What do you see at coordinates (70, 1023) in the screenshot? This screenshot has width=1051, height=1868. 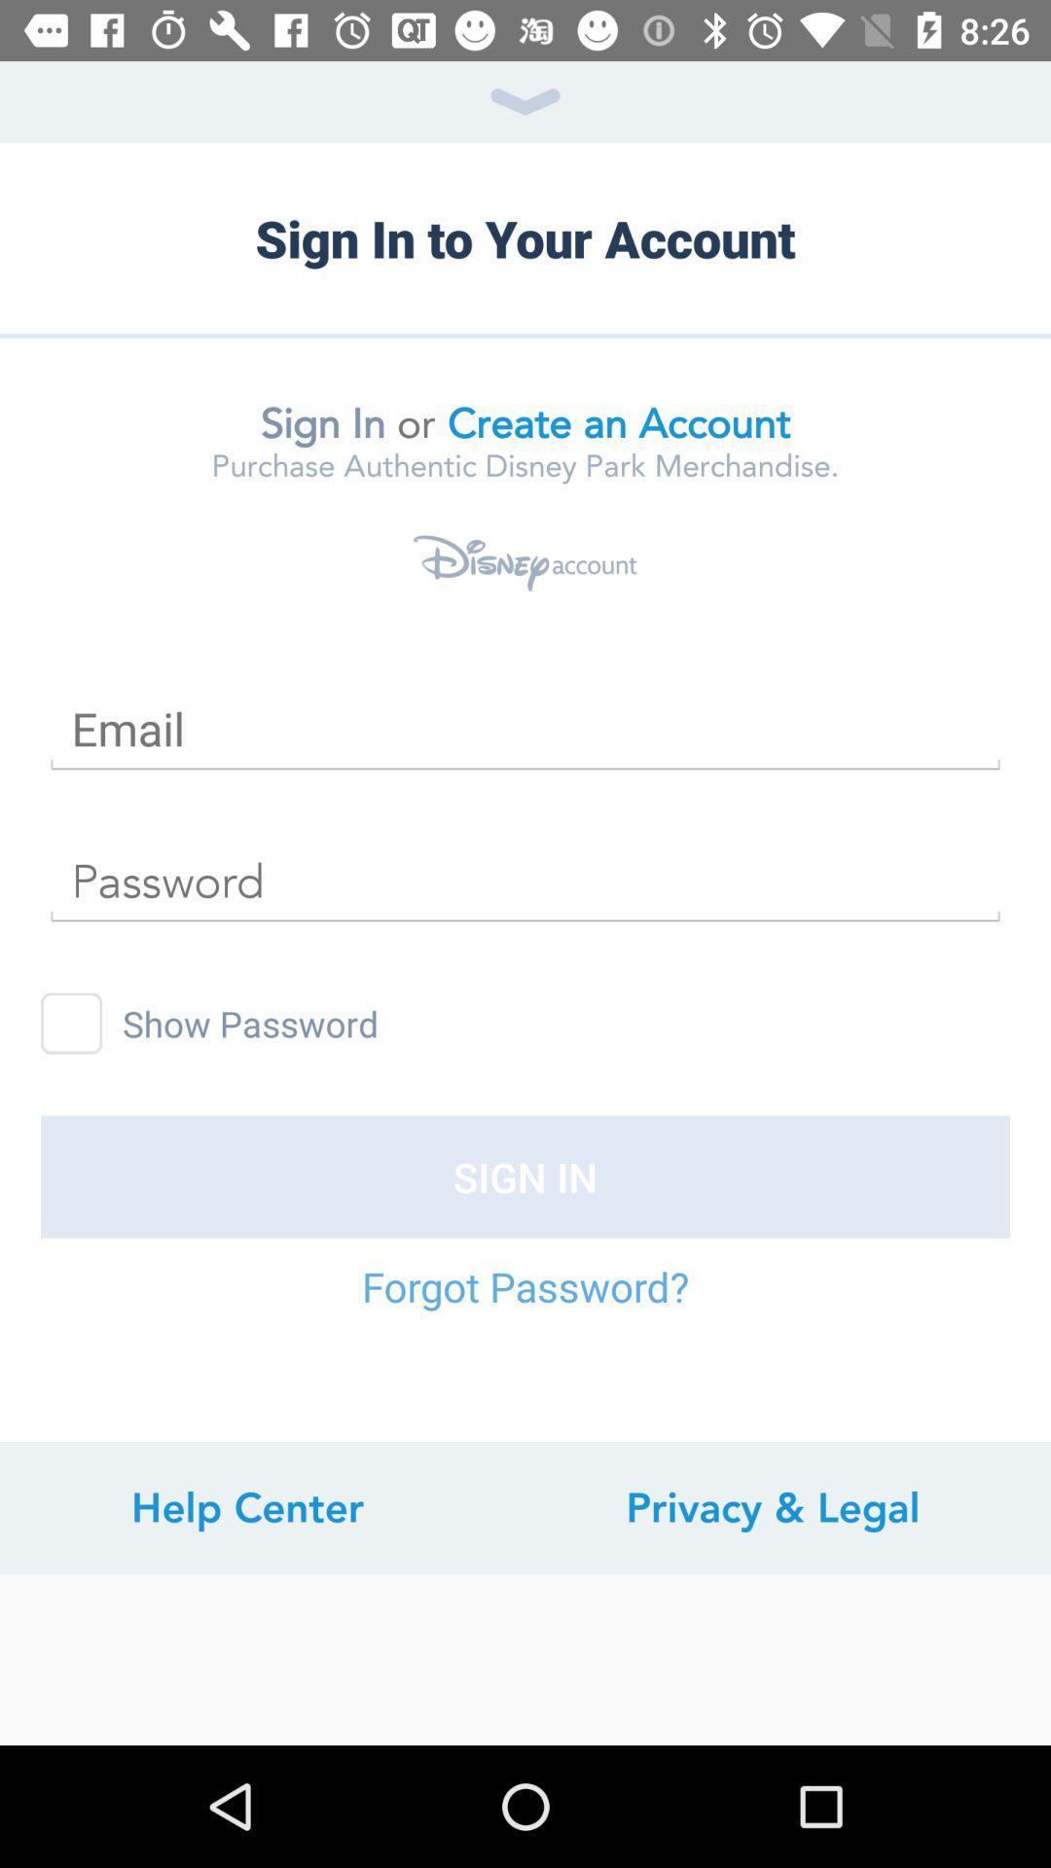 I see `item to the left of show password item` at bounding box center [70, 1023].